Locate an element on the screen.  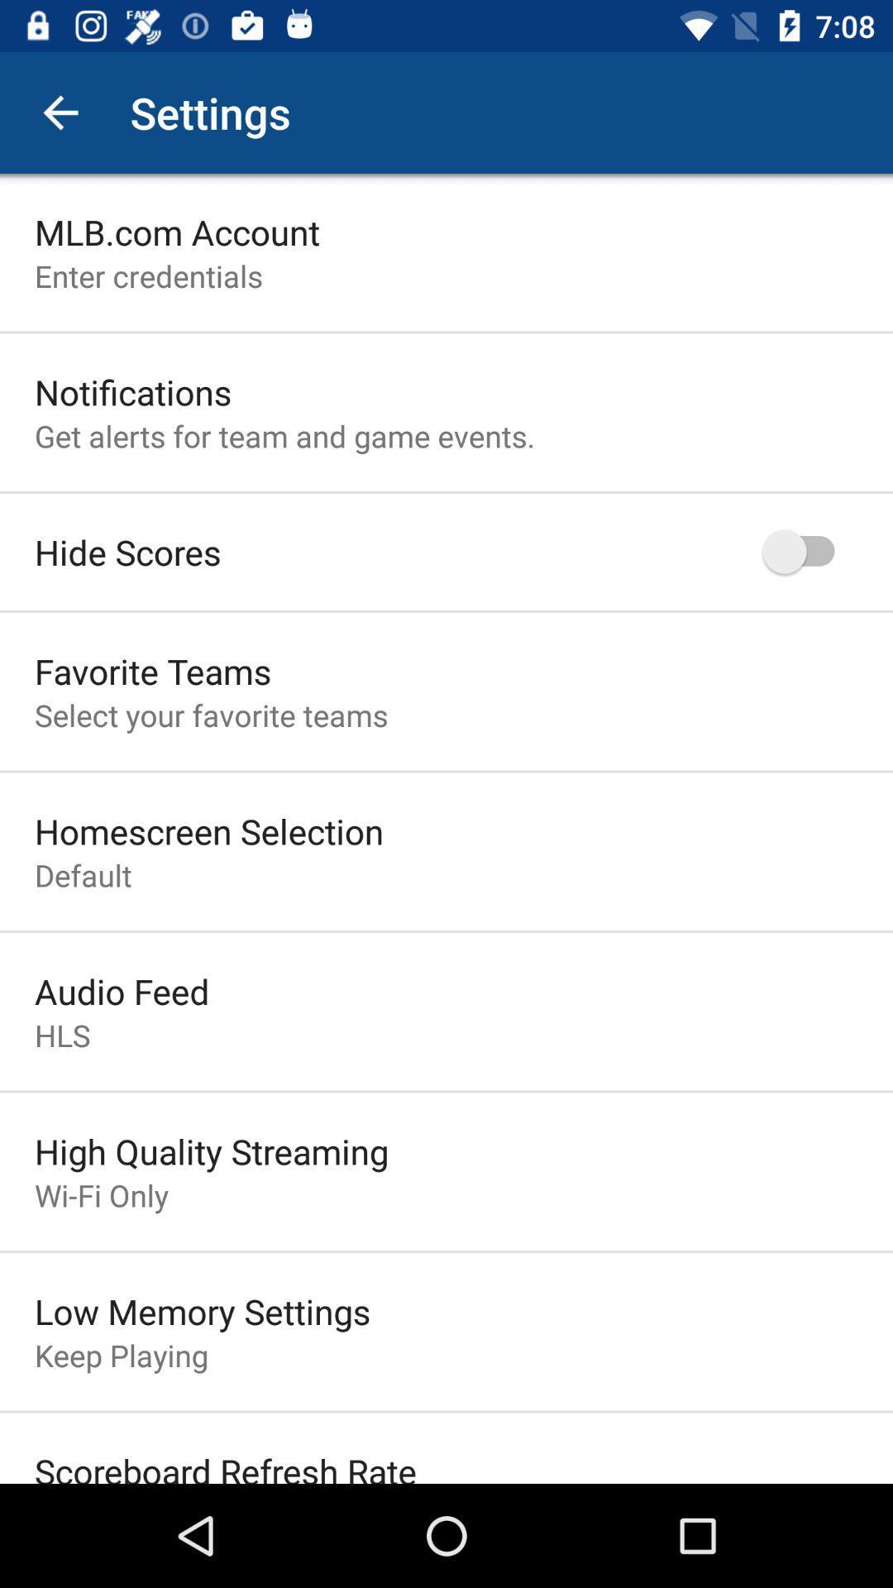
icon next to settings app is located at coordinates (60, 112).